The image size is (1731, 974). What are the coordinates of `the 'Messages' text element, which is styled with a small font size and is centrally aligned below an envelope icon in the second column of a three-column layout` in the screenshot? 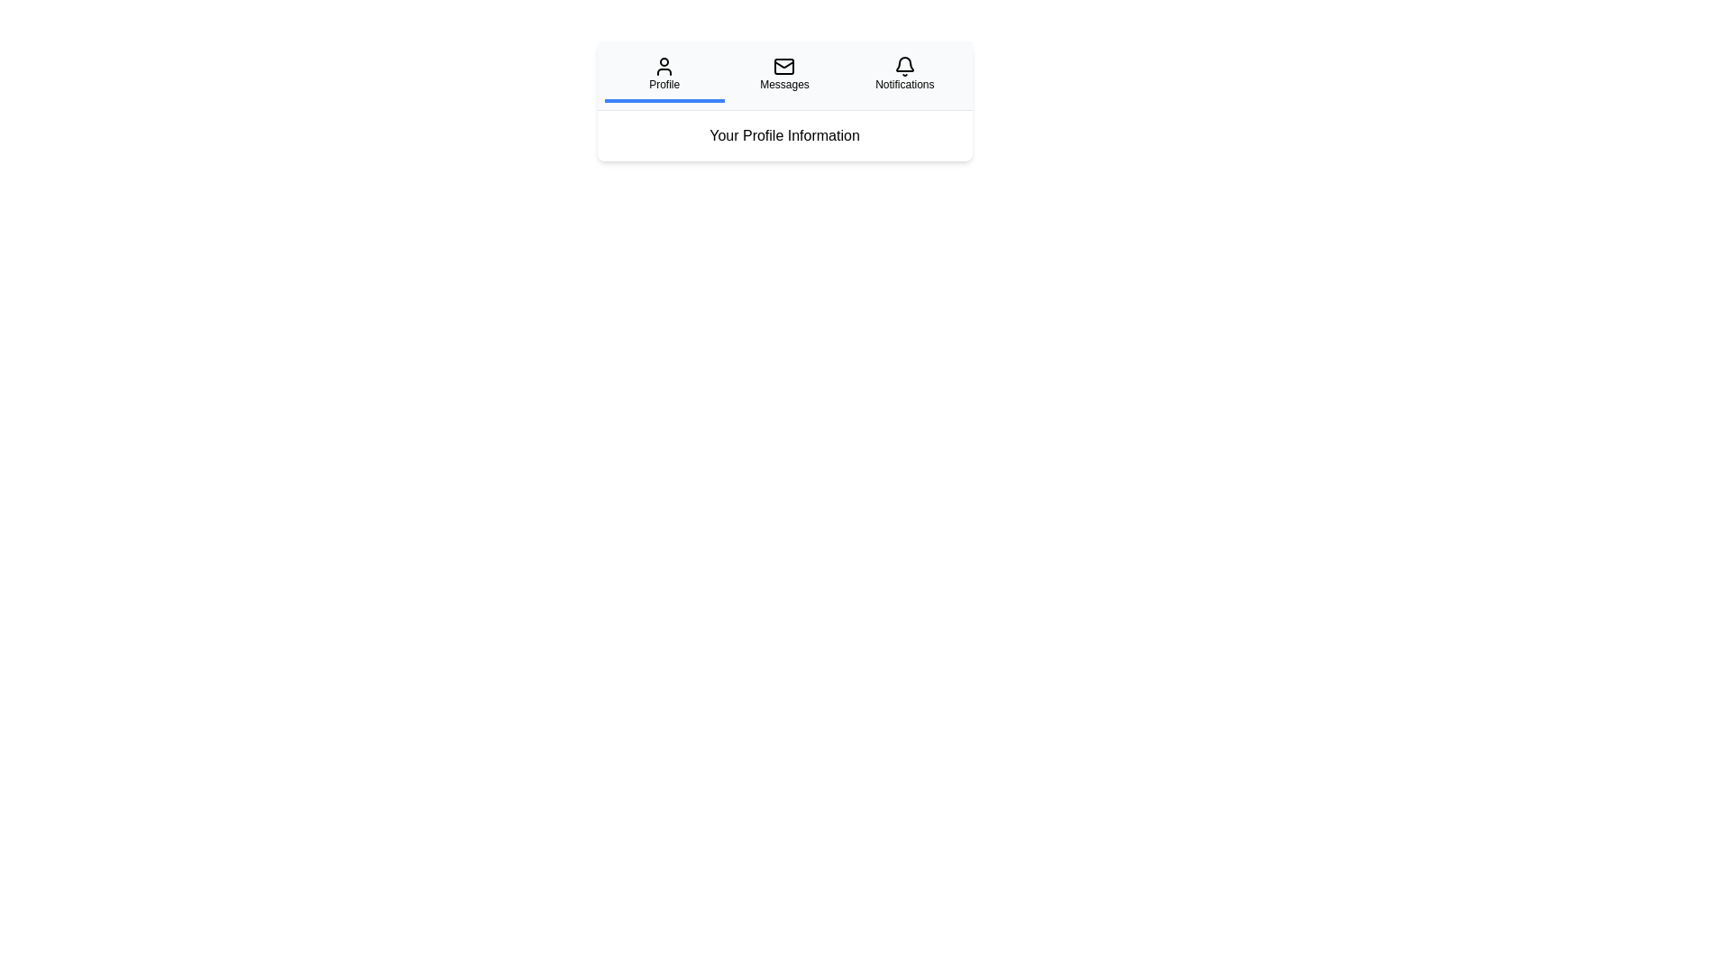 It's located at (784, 84).